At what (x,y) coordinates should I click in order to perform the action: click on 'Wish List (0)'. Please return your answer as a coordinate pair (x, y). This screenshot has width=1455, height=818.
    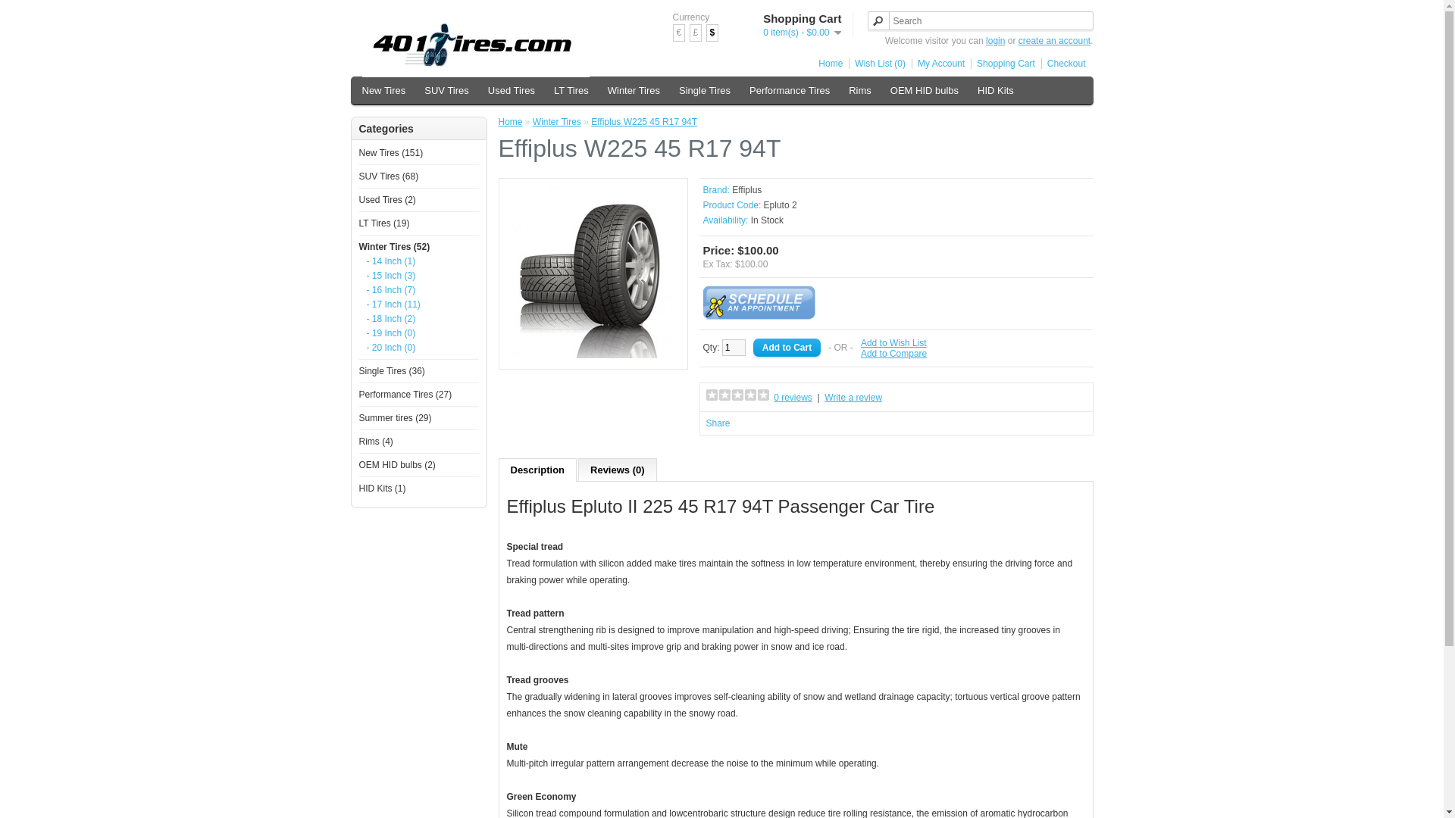
    Looking at the image, I should click on (877, 63).